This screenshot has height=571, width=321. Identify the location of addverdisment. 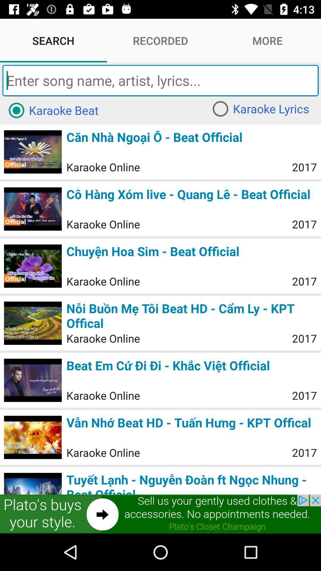
(160, 514).